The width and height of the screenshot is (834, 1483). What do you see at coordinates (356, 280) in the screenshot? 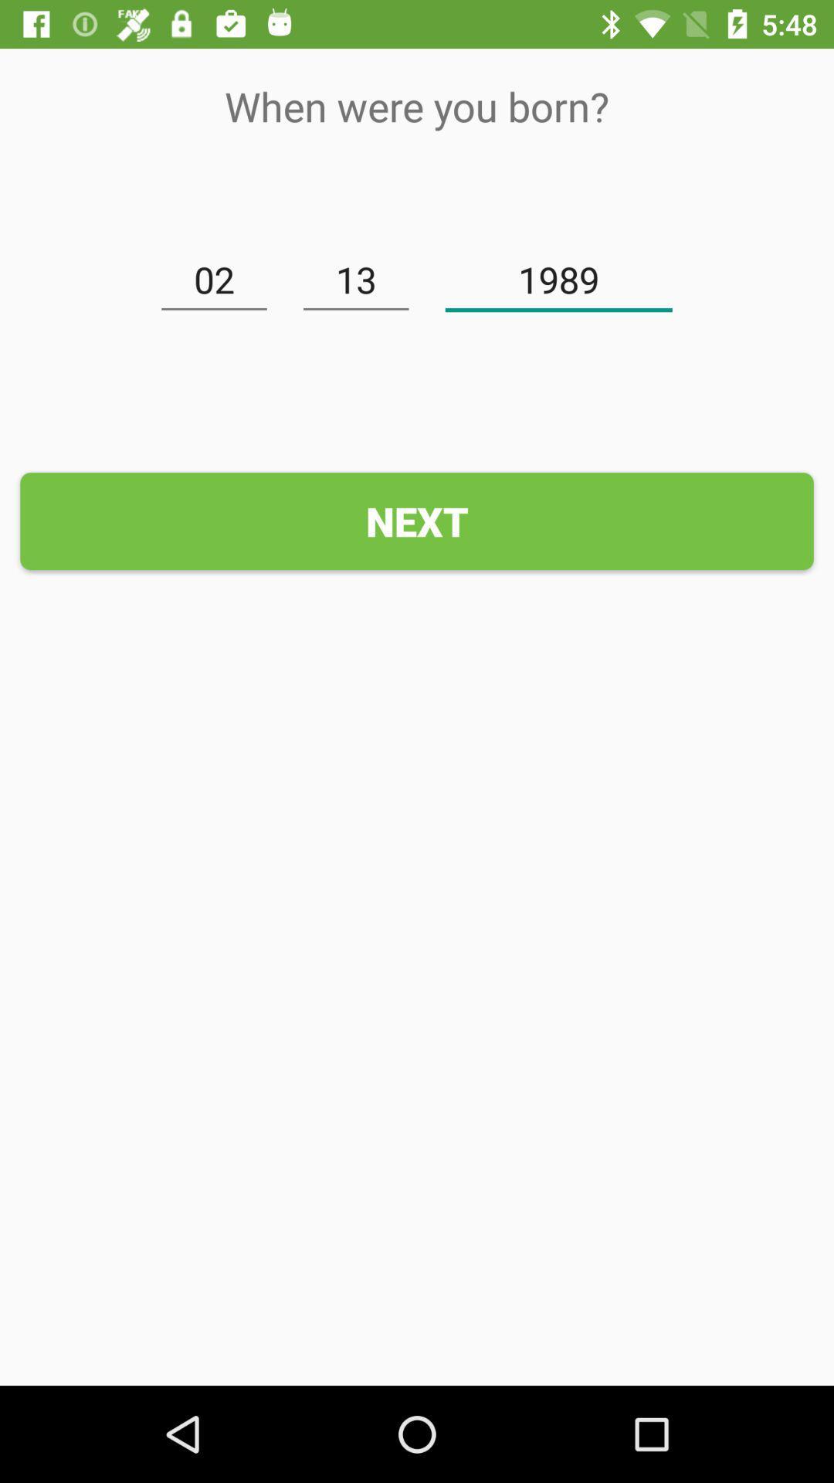
I see `icon next to the 02 item` at bounding box center [356, 280].